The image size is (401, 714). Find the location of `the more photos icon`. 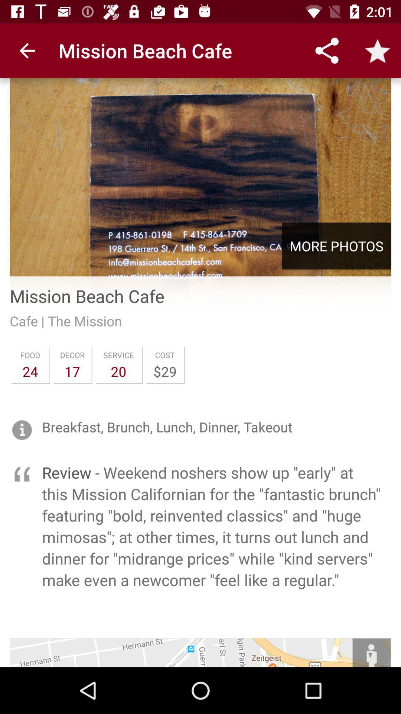

the more photos icon is located at coordinates (336, 246).